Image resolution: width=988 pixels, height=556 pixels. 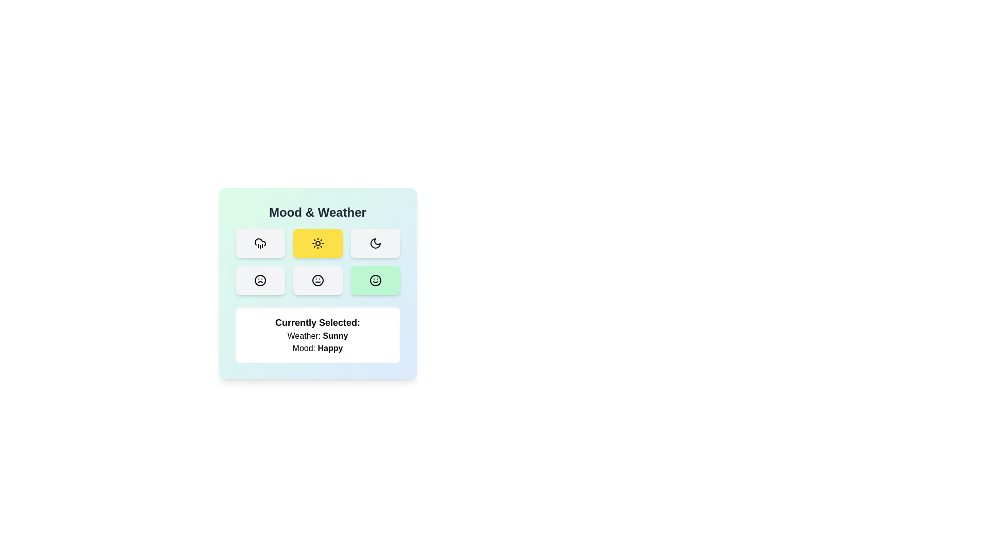 I want to click on the 'Rainy Weather' icon in the Mood & Weather selection grid, so click(x=260, y=244).